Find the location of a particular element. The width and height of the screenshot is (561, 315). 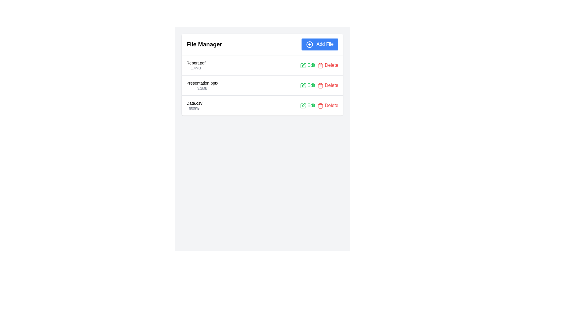

the delete icon located next to the 'Presentation.pptx' file in the second row of the file management table to initiate the delete action is located at coordinates (320, 85).